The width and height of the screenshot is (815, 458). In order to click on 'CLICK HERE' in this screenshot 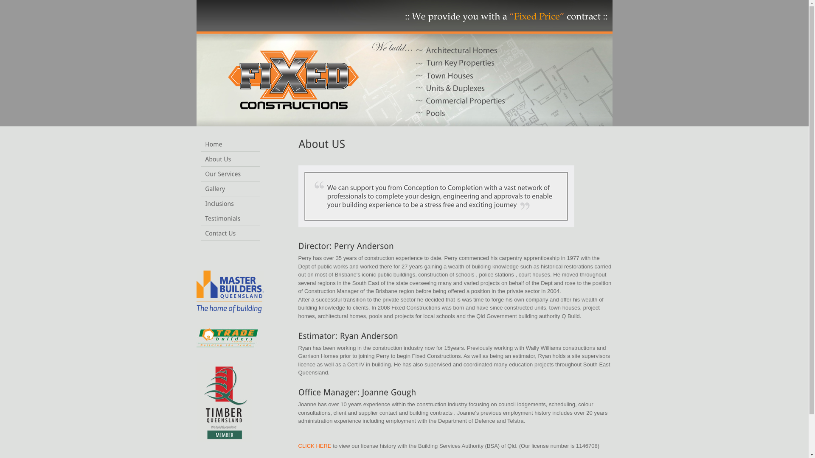, I will do `click(314, 445)`.